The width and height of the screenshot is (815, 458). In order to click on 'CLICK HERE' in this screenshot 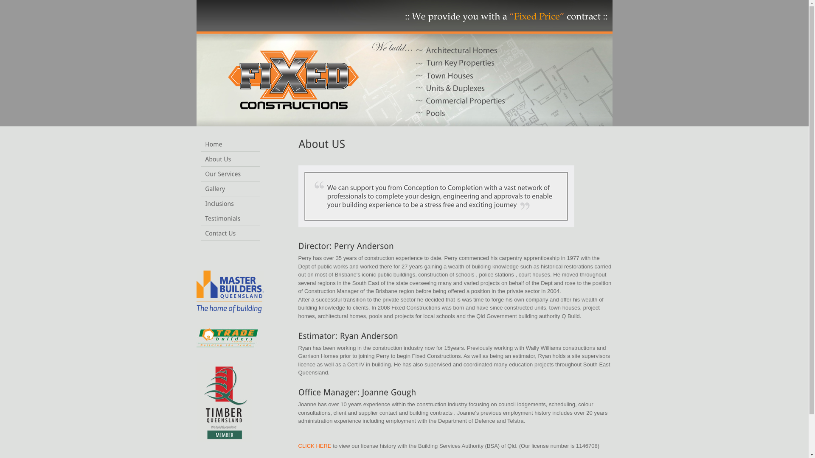, I will do `click(314, 445)`.